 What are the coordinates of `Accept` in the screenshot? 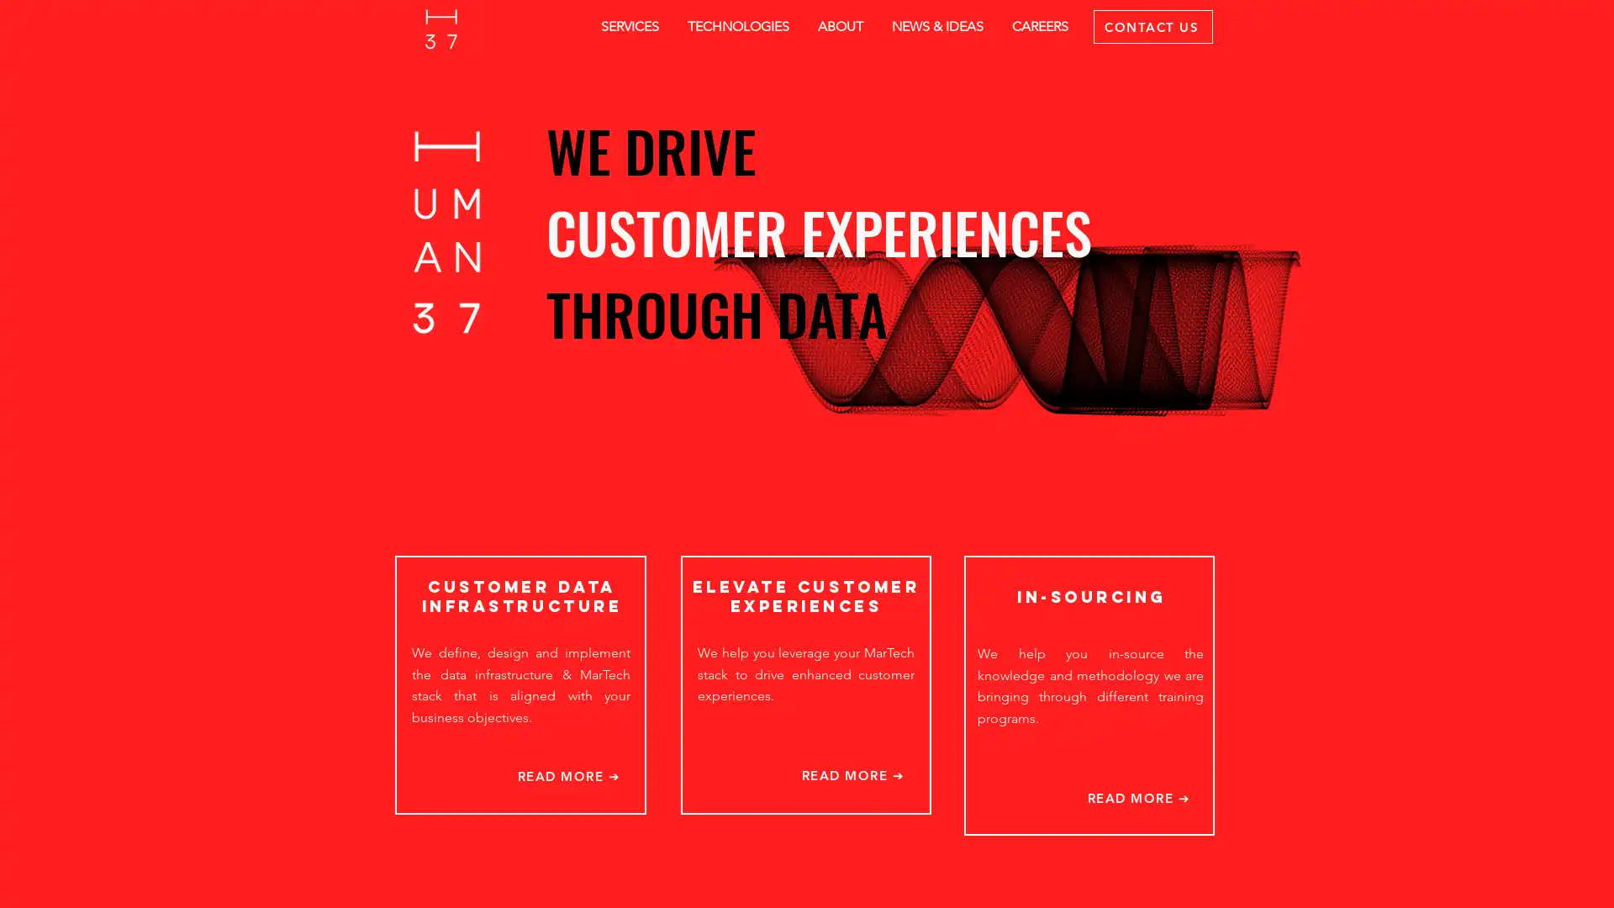 It's located at (1538, 880).